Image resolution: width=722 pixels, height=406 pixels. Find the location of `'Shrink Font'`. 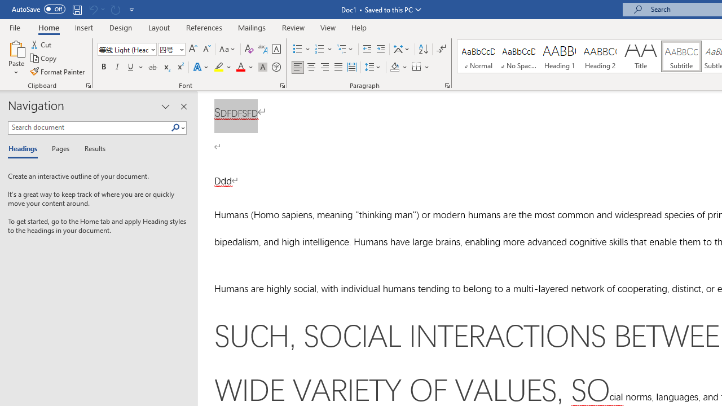

'Shrink Font' is located at coordinates (206, 48).